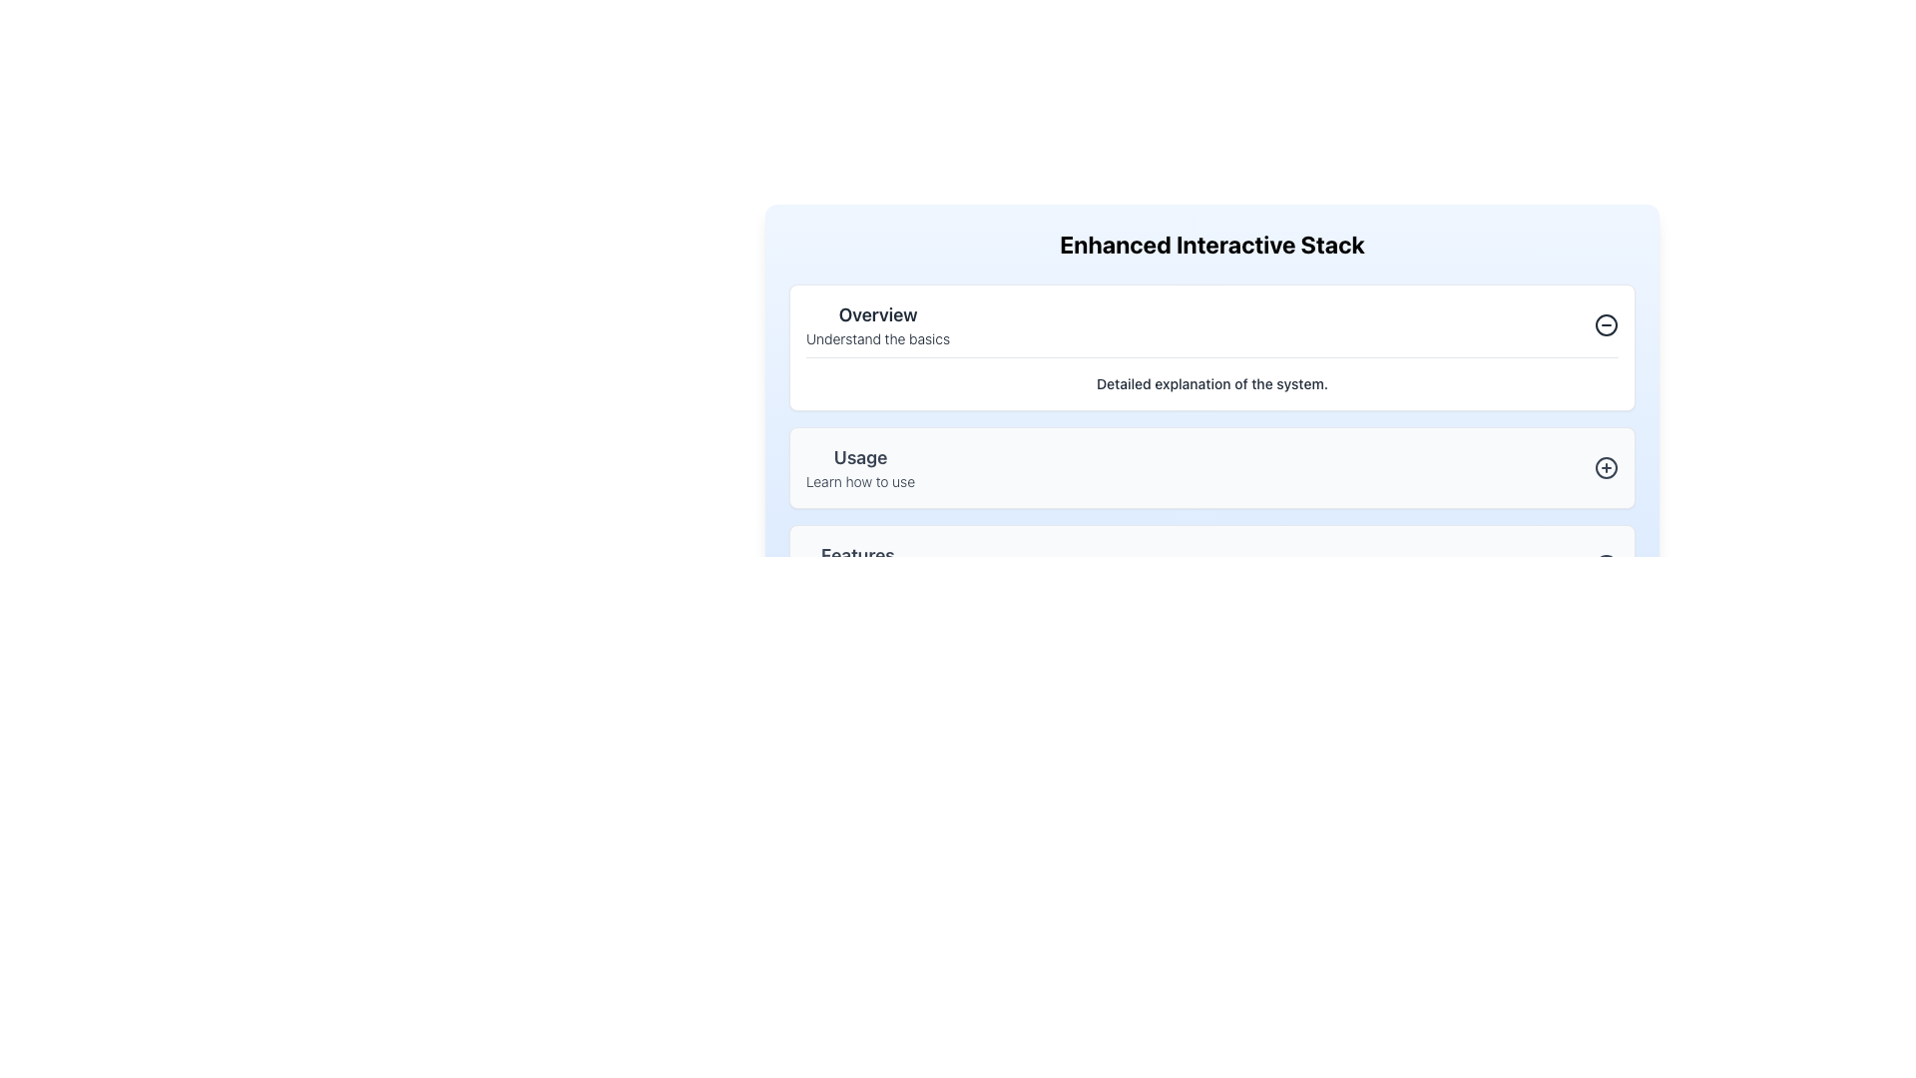 The image size is (1916, 1078). I want to click on the text-based component with a bolded heading and supporting description to select it, so click(877, 324).